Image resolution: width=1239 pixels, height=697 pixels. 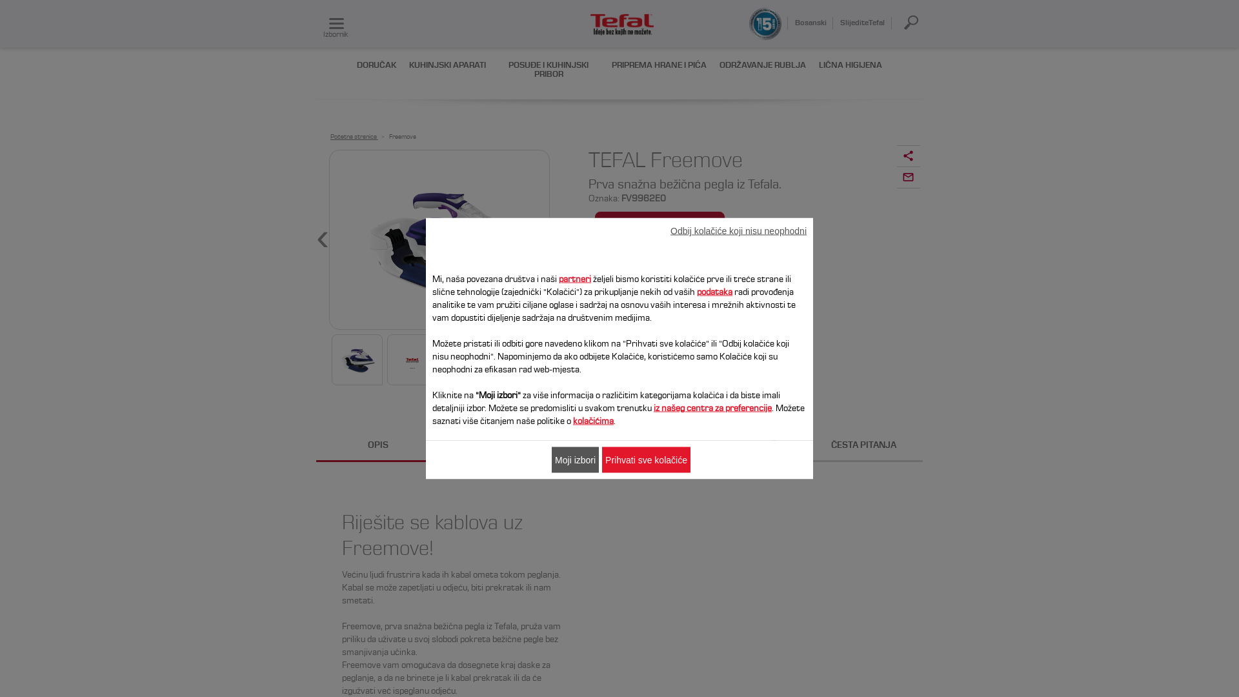 What do you see at coordinates (388, 137) in the screenshot?
I see `'Freemove'` at bounding box center [388, 137].